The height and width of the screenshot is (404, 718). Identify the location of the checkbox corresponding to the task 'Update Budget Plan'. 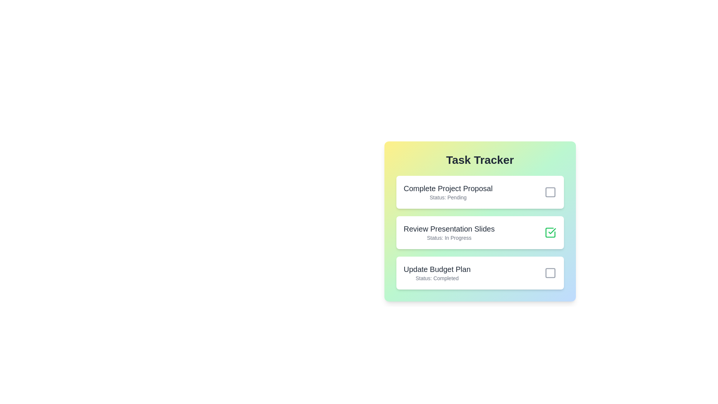
(550, 273).